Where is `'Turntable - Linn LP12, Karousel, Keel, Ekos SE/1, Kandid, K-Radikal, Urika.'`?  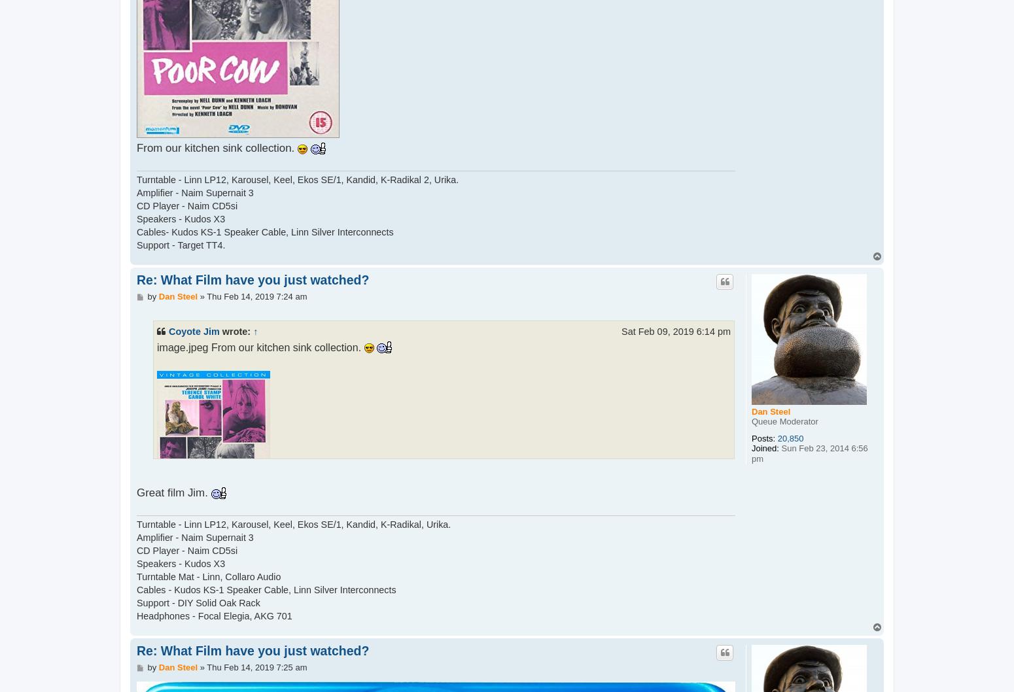
'Turntable - Linn LP12, Karousel, Keel, Ekos SE/1, Kandid, K-Radikal, Urika.' is located at coordinates (294, 523).